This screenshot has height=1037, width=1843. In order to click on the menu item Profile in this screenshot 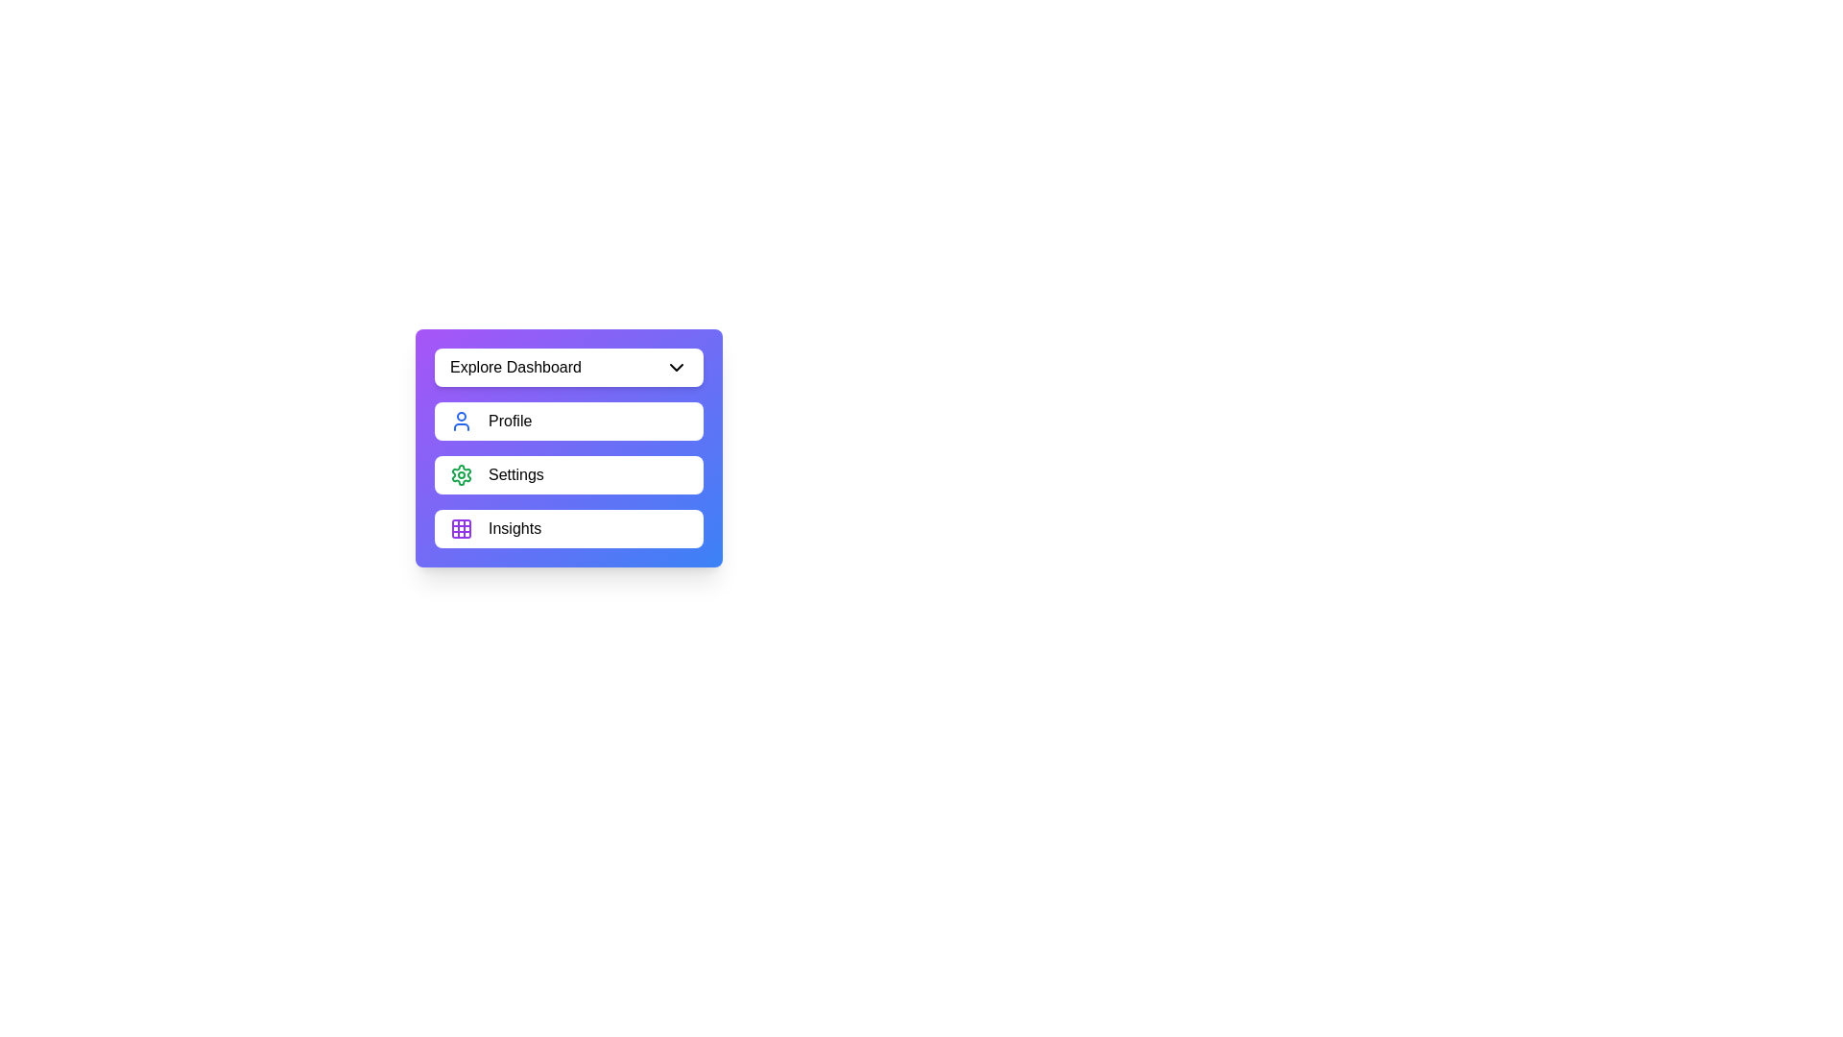, I will do `click(568, 421)`.